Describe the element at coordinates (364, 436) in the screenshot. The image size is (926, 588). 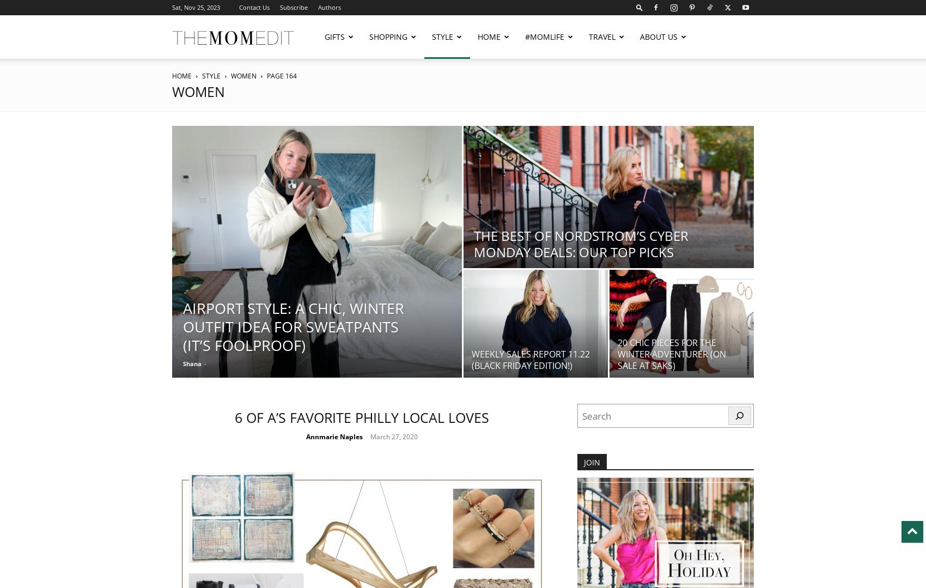
I see `'-'` at that location.